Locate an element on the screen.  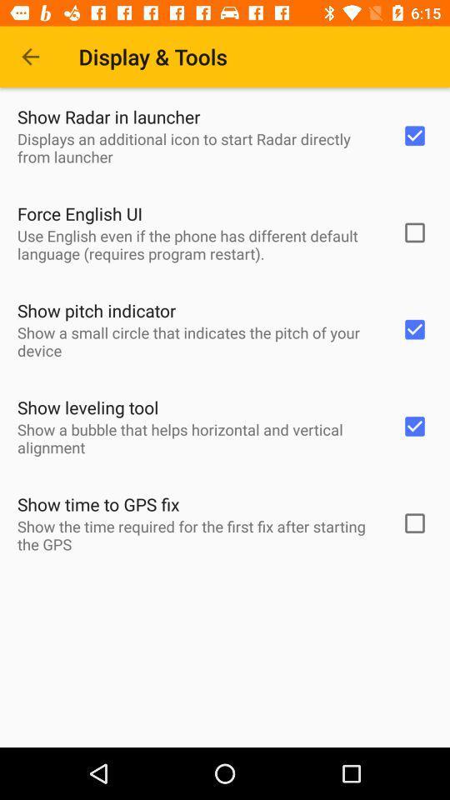
the use english even icon is located at coordinates (198, 243).